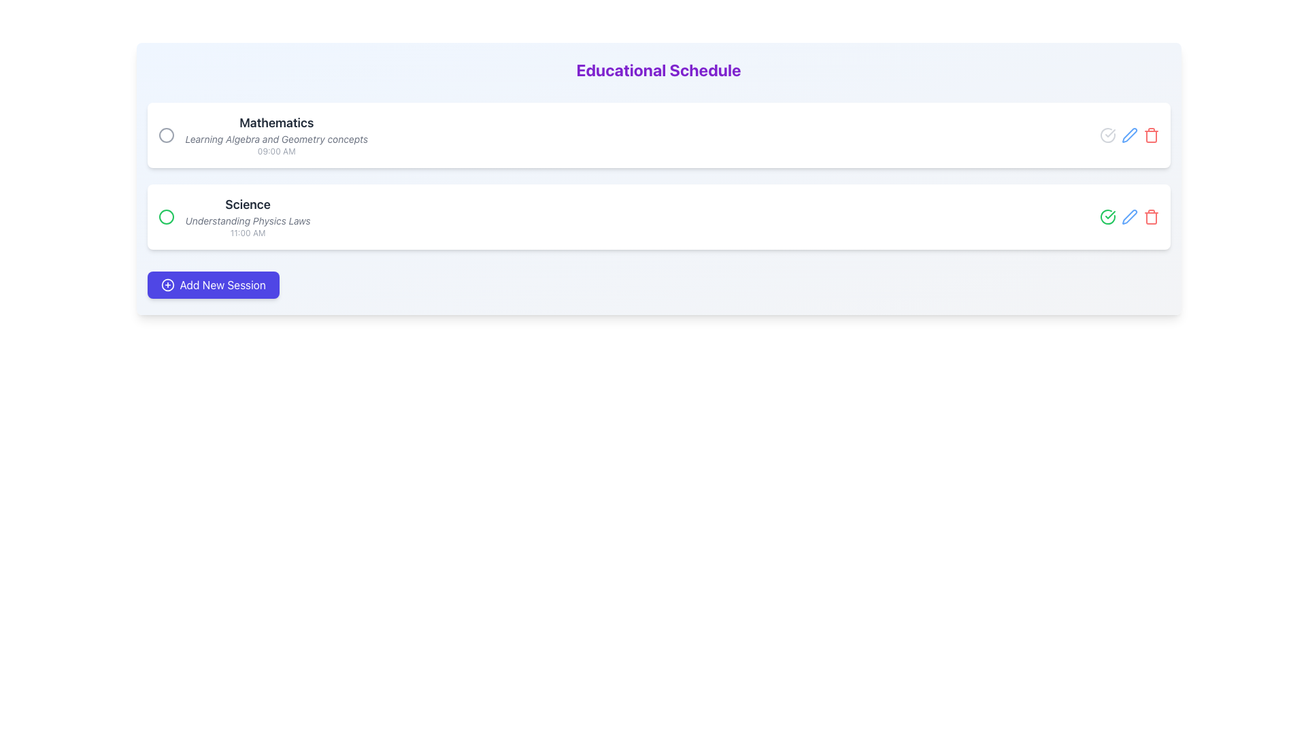 The image size is (1306, 735). I want to click on the text label displaying '11:00 AM', which is located below the italicized subtitle 'Understanding Physics Laws', so click(248, 233).